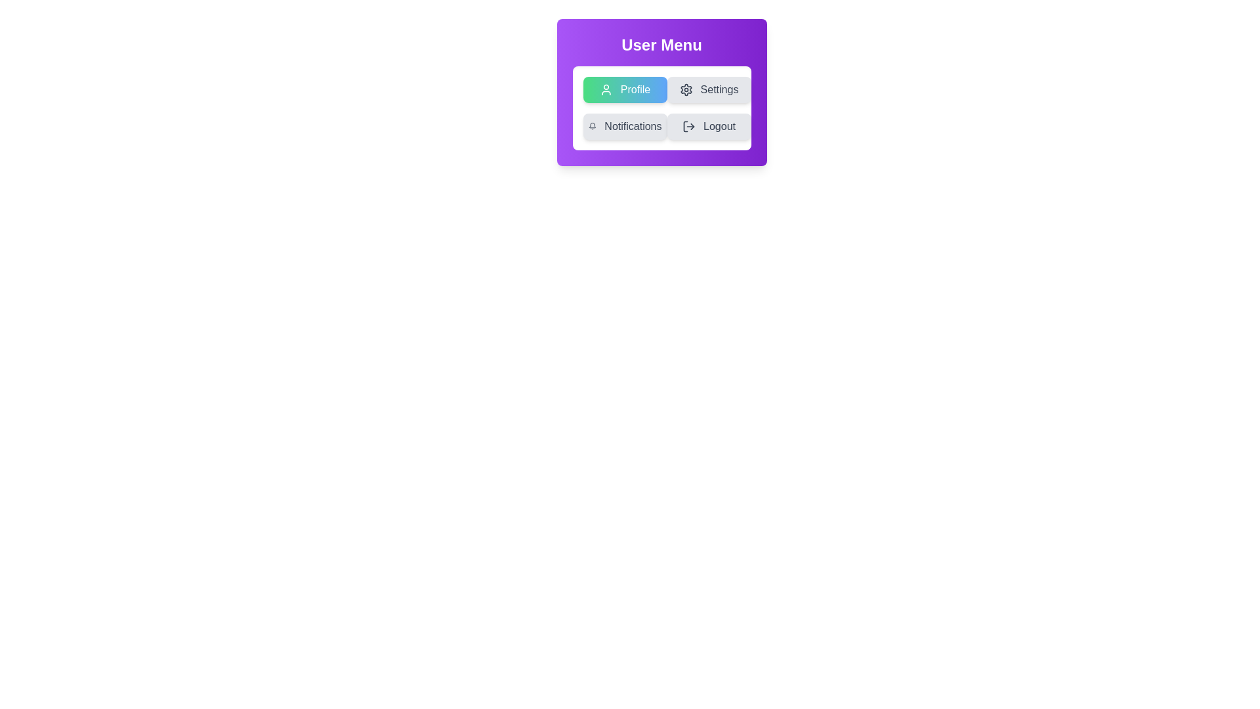 The height and width of the screenshot is (709, 1260). I want to click on the menu option Notifications by clicking on its button, so click(624, 126).